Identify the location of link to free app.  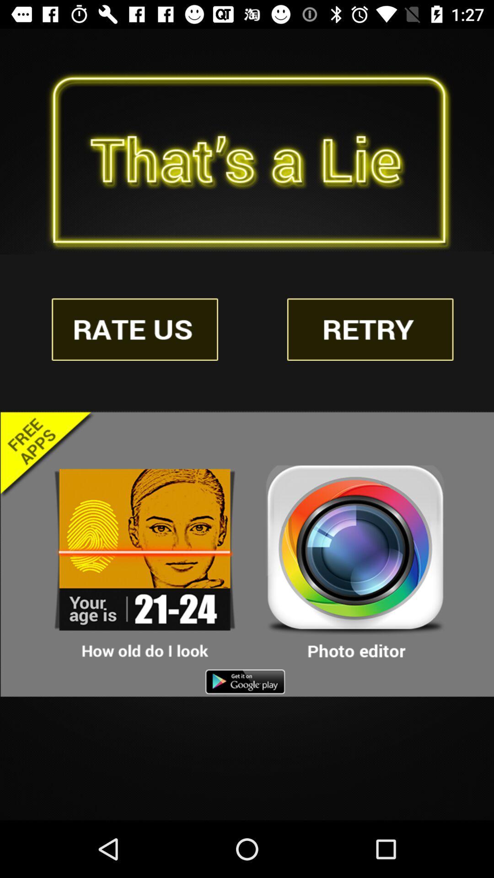
(145, 562).